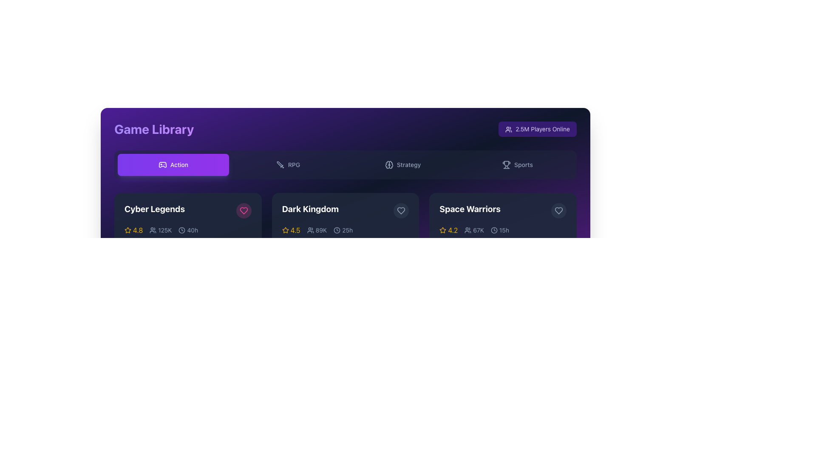 This screenshot has width=816, height=459. I want to click on the heart-shaped icon in the top-right corner of the 'Dark Kingdom' card, so click(401, 210).